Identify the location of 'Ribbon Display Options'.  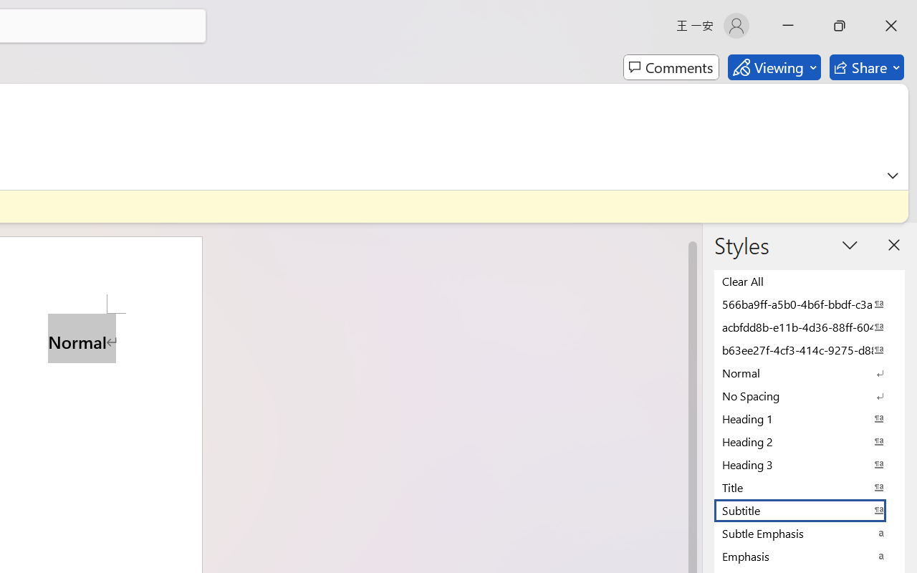
(892, 175).